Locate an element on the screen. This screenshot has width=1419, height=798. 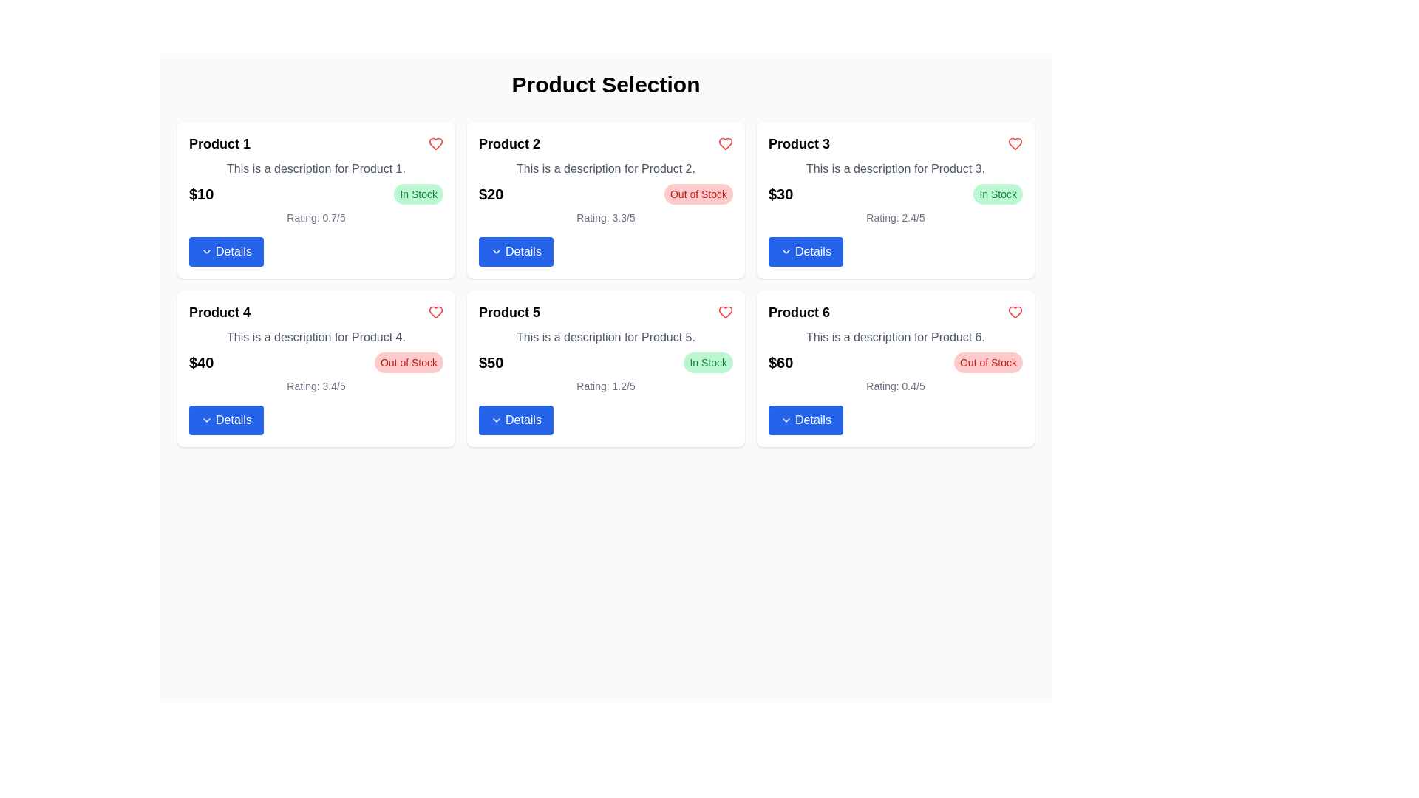
the static text display that shows the user rating for 'Product 5', located at the bottom of the product card above the 'Details' button is located at coordinates (606, 386).